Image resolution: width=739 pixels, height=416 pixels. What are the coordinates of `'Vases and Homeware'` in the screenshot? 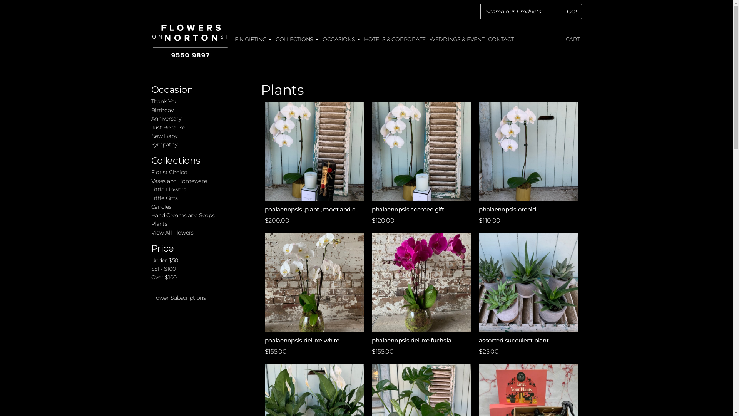 It's located at (178, 181).